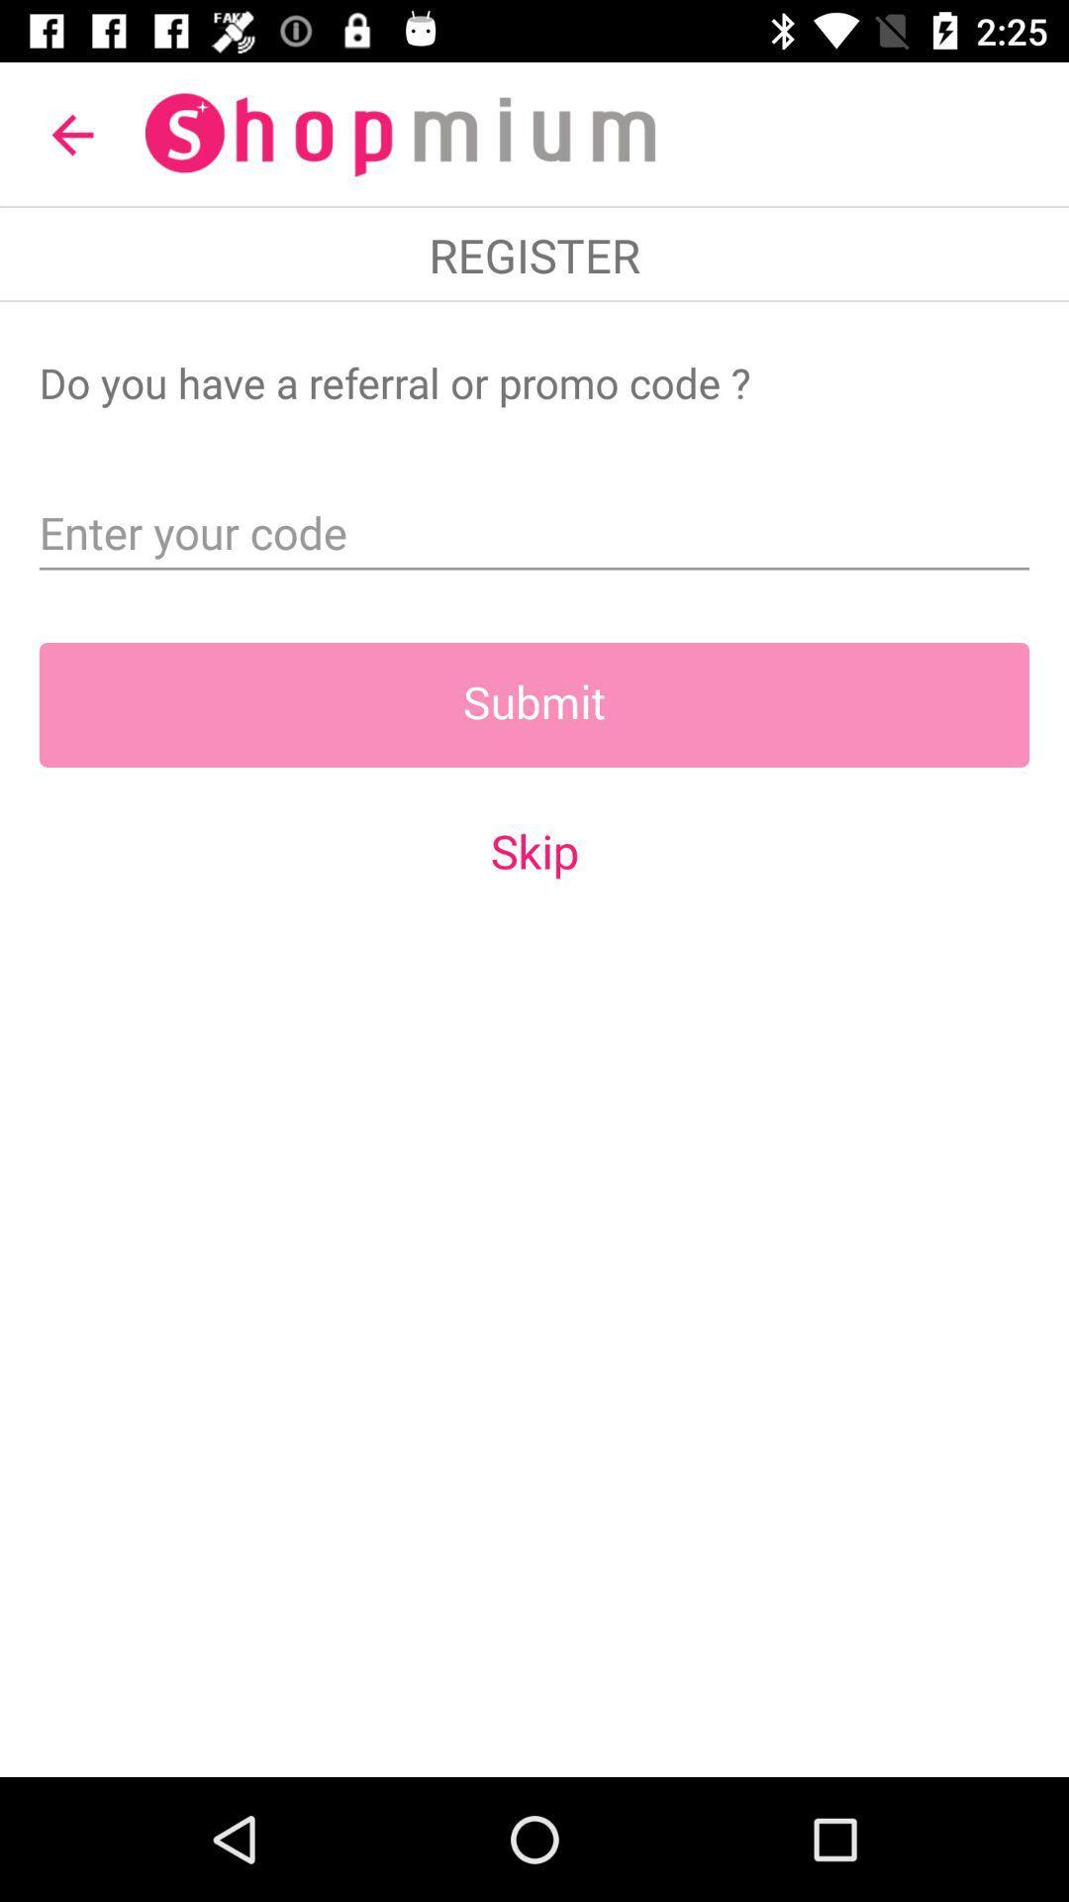 The image size is (1069, 1902). What do you see at coordinates (534, 851) in the screenshot?
I see `the skip` at bounding box center [534, 851].